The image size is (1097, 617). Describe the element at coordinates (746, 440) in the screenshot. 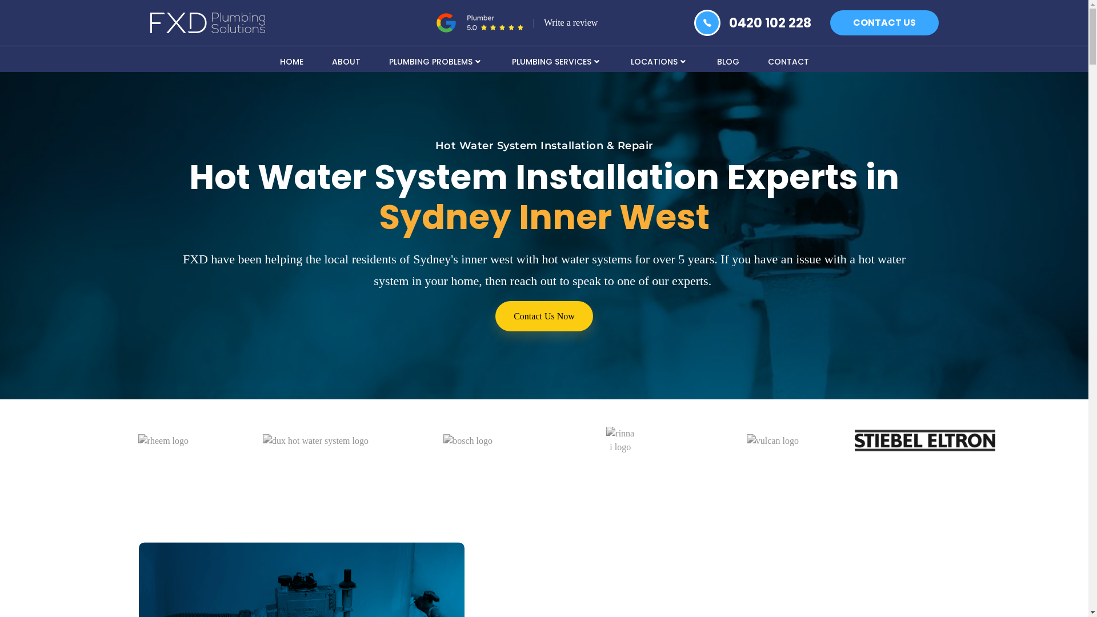

I see `'vulcan logo'` at that location.